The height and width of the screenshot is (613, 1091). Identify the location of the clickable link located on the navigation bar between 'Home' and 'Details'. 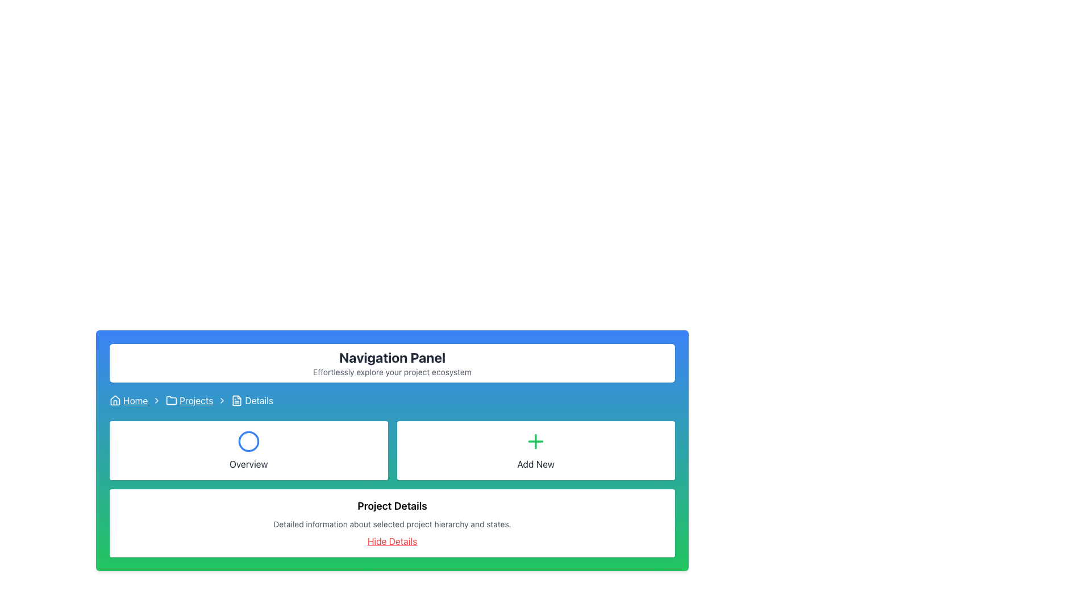
(189, 400).